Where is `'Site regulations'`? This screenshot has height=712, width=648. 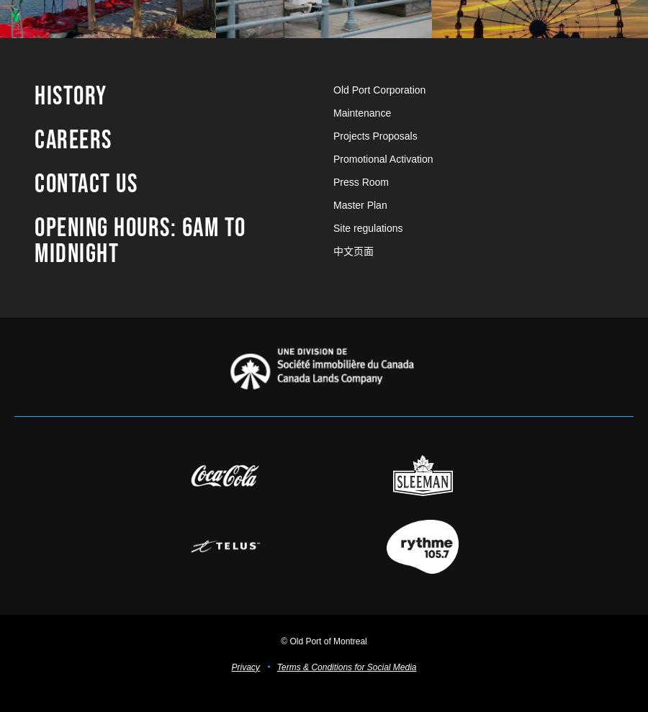 'Site regulations' is located at coordinates (367, 227).